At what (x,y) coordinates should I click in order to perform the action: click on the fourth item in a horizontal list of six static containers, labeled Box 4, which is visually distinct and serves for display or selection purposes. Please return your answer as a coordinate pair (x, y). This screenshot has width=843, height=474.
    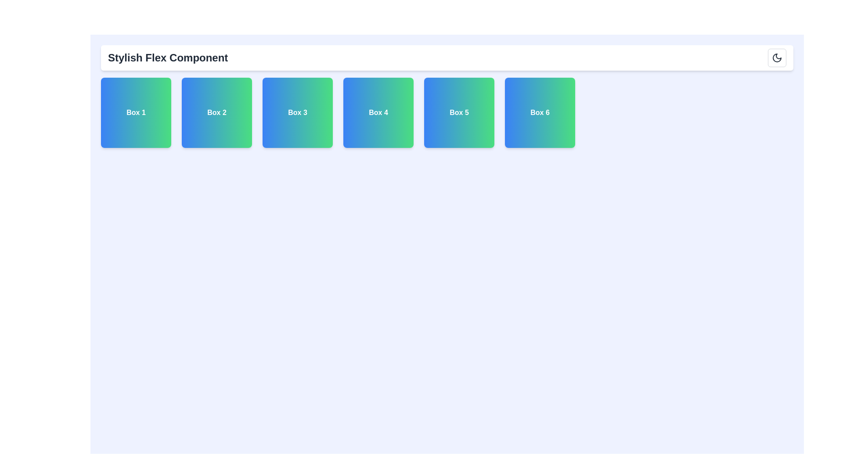
    Looking at the image, I should click on (378, 112).